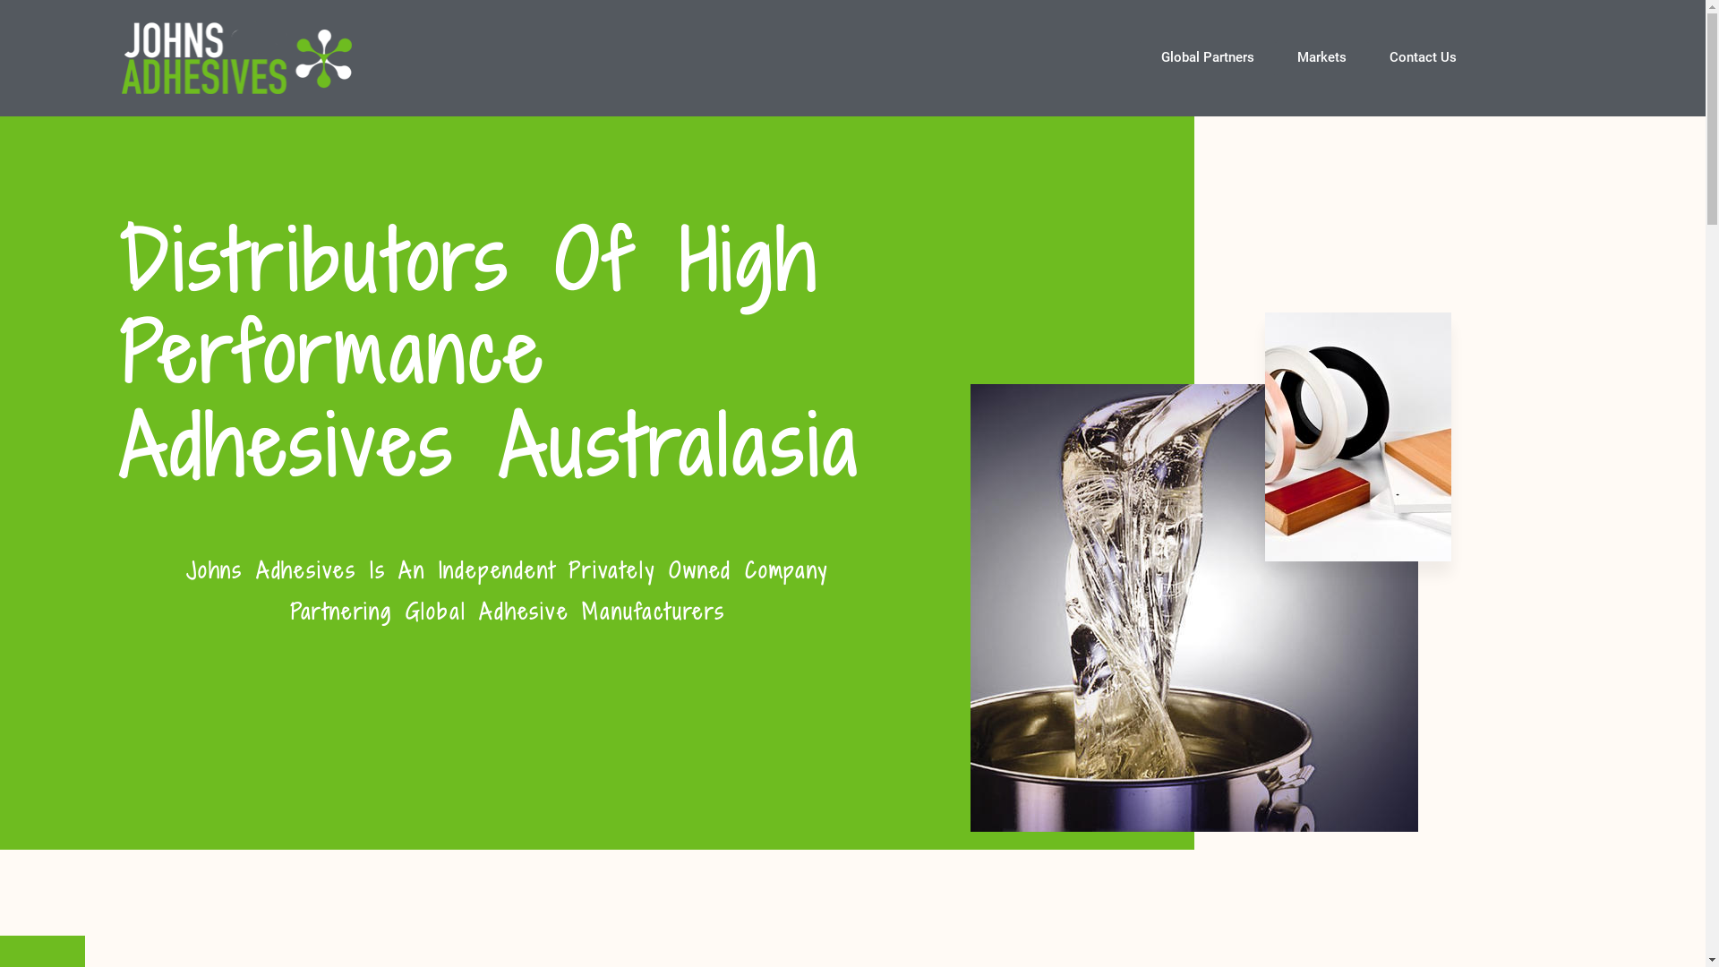  I want to click on 'Global Partners', so click(1207, 56).